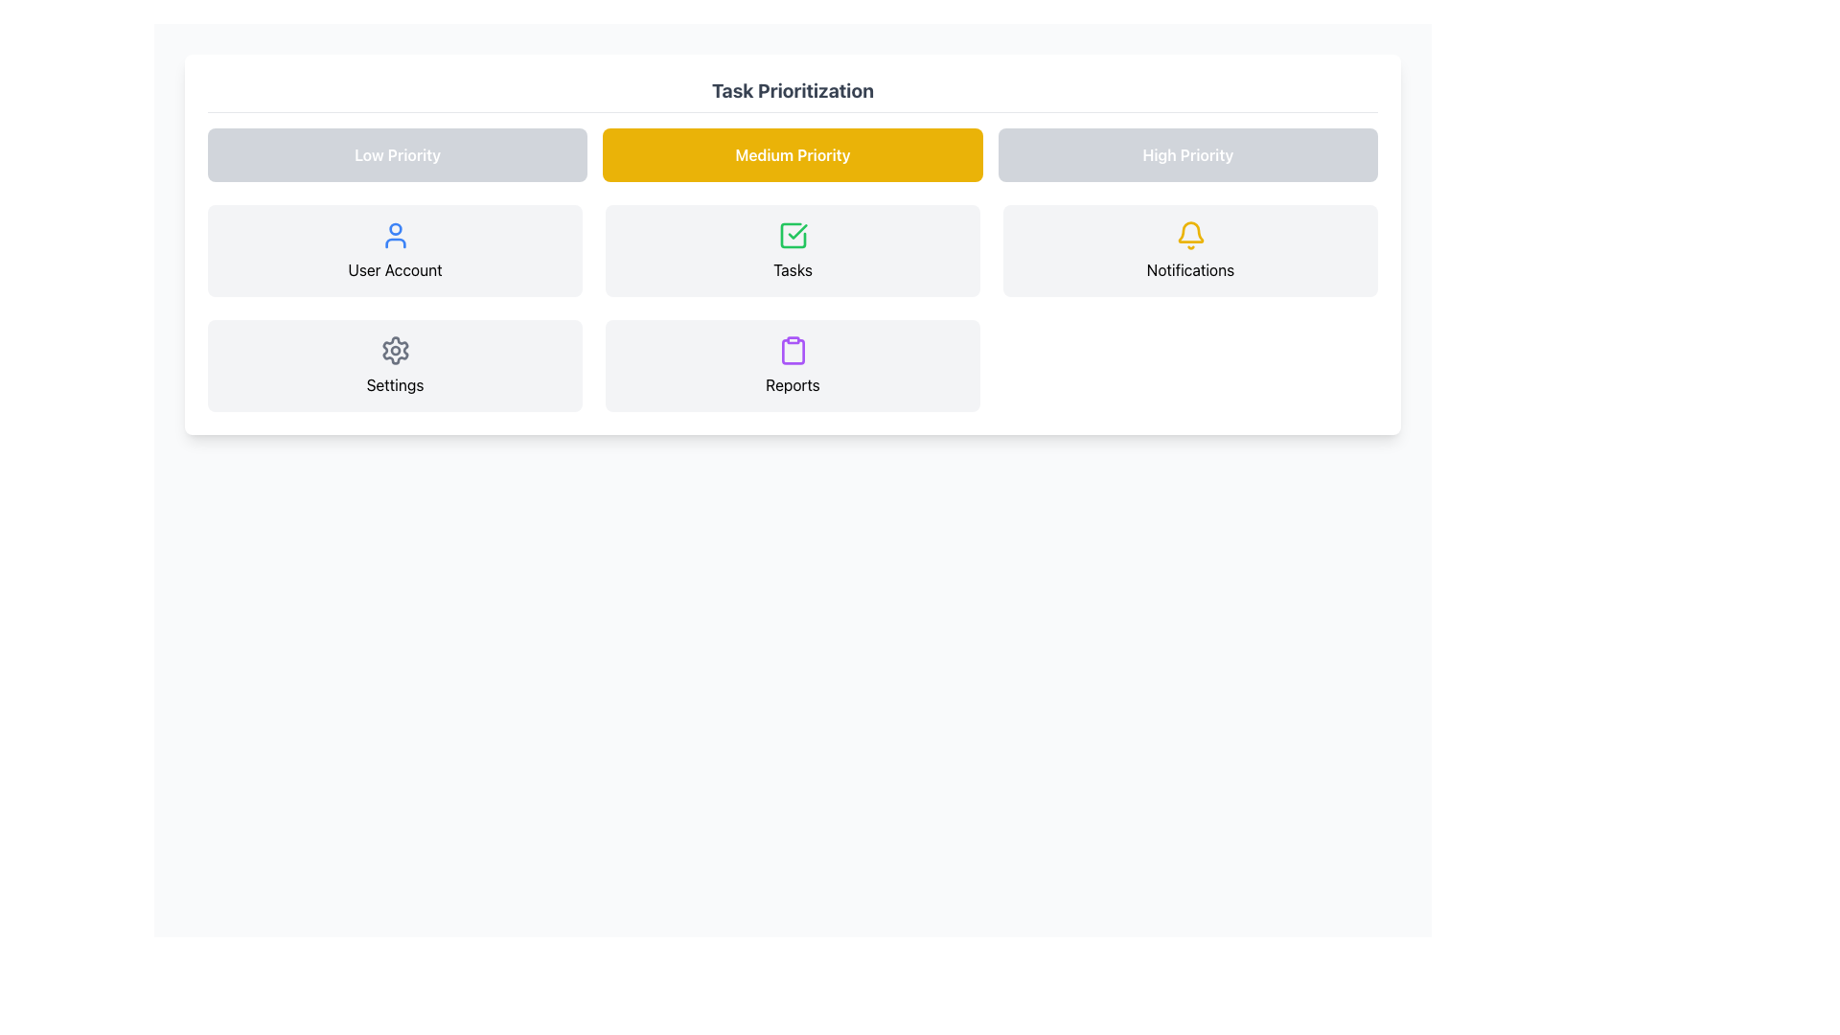 This screenshot has height=1035, width=1840. What do you see at coordinates (1189, 269) in the screenshot?
I see `the 'Notifications' text label located in the top-right cell of the grid, positioned directly below the notification bell icon` at bounding box center [1189, 269].